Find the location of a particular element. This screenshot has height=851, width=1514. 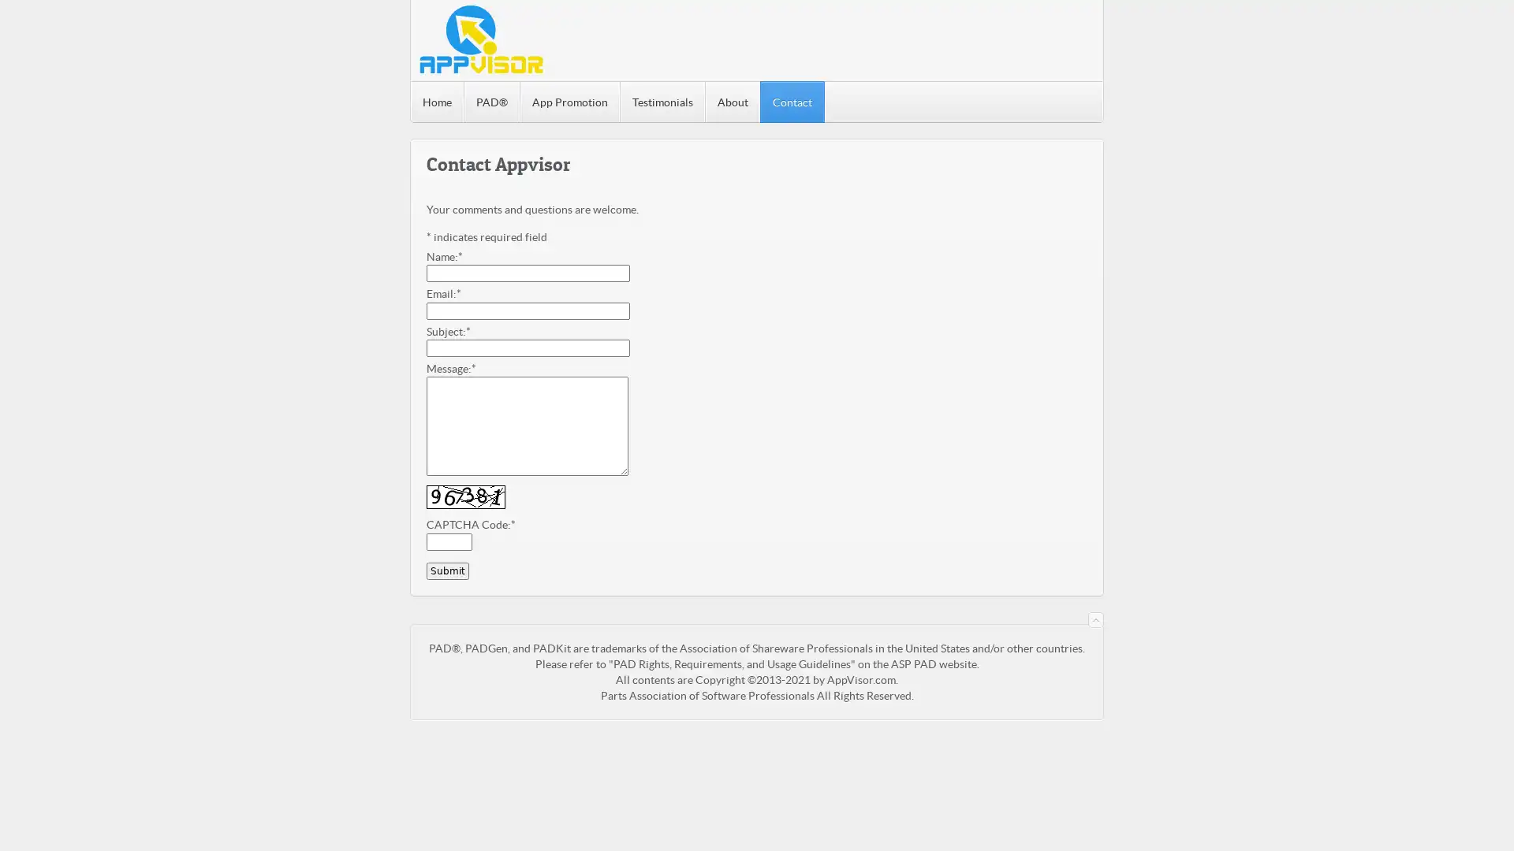

Submit is located at coordinates (446, 571).